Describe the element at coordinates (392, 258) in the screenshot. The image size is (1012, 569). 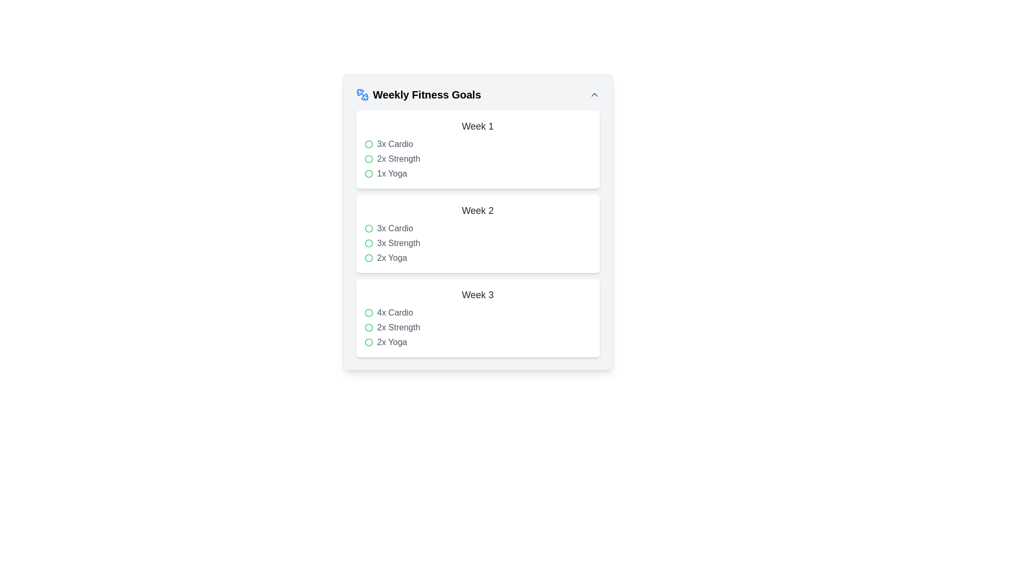
I see `information from the text label '2x Yoga' styled in gray font, which is the third item in the weekly fitness goals list under the 'Week 2' heading` at that location.